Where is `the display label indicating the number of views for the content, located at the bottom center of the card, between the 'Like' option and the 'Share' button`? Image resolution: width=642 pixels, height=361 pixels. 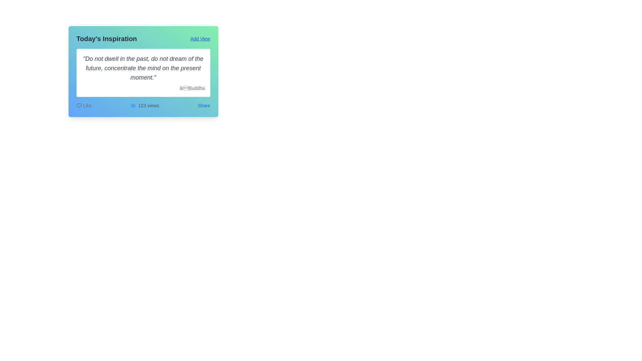
the display label indicating the number of views for the content, located at the bottom center of the card, between the 'Like' option and the 'Share' button is located at coordinates (144, 105).